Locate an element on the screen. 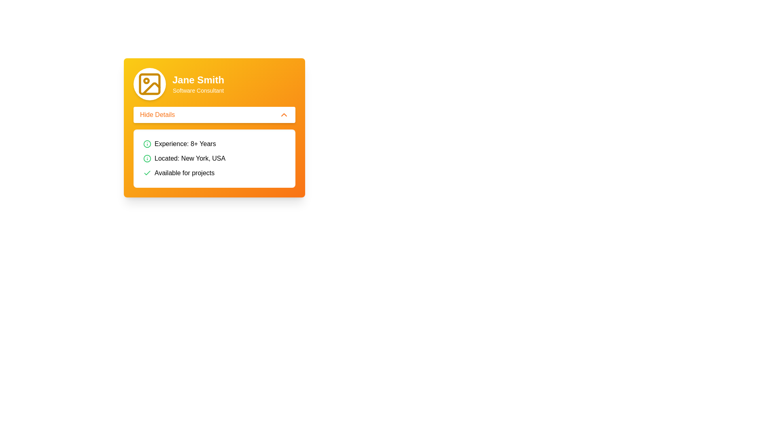 The width and height of the screenshot is (777, 437). the positive status icon located to the left of the text 'Available for projects' within a structured list is located at coordinates (147, 173).